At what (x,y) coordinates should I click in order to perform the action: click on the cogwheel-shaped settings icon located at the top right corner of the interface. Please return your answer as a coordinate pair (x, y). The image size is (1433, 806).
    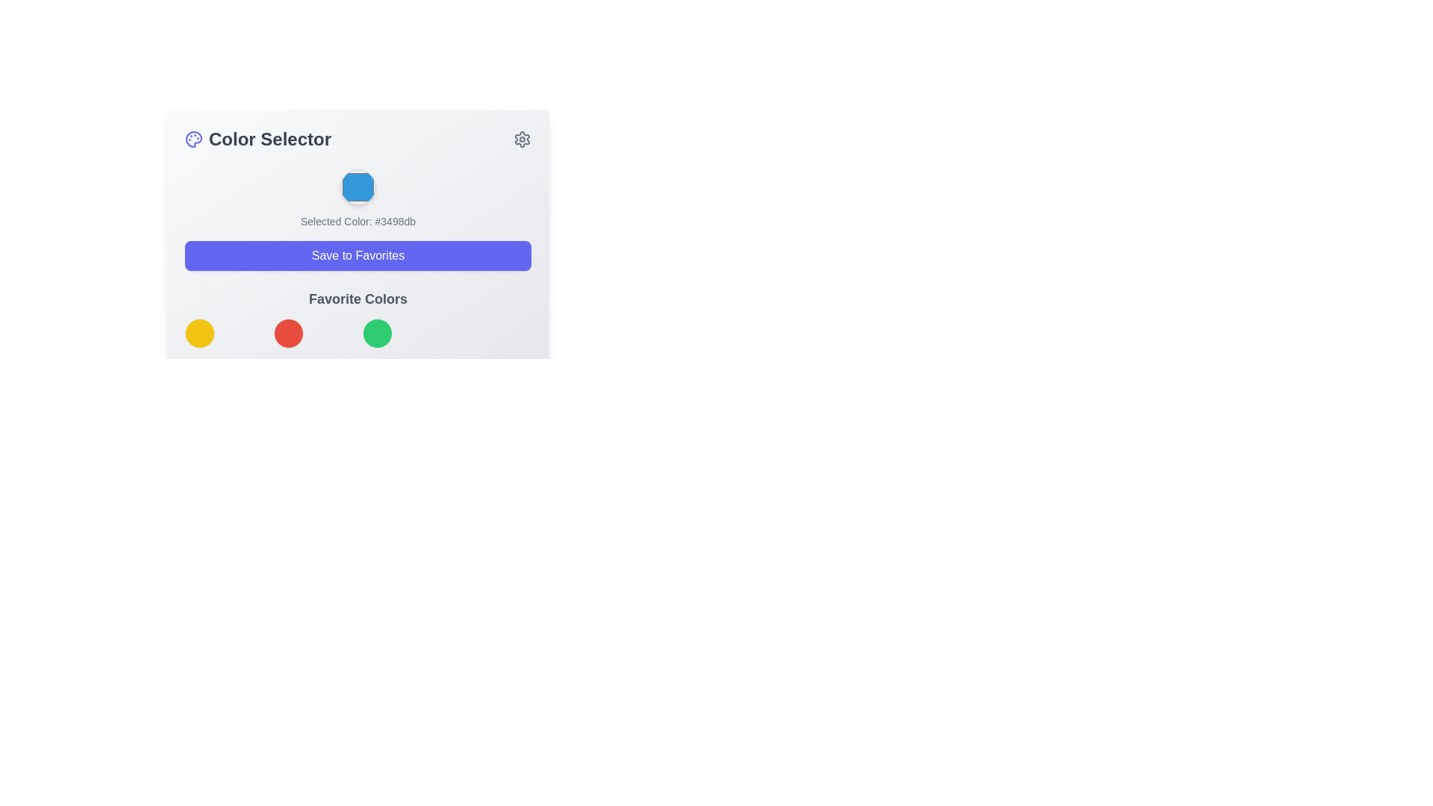
    Looking at the image, I should click on (522, 139).